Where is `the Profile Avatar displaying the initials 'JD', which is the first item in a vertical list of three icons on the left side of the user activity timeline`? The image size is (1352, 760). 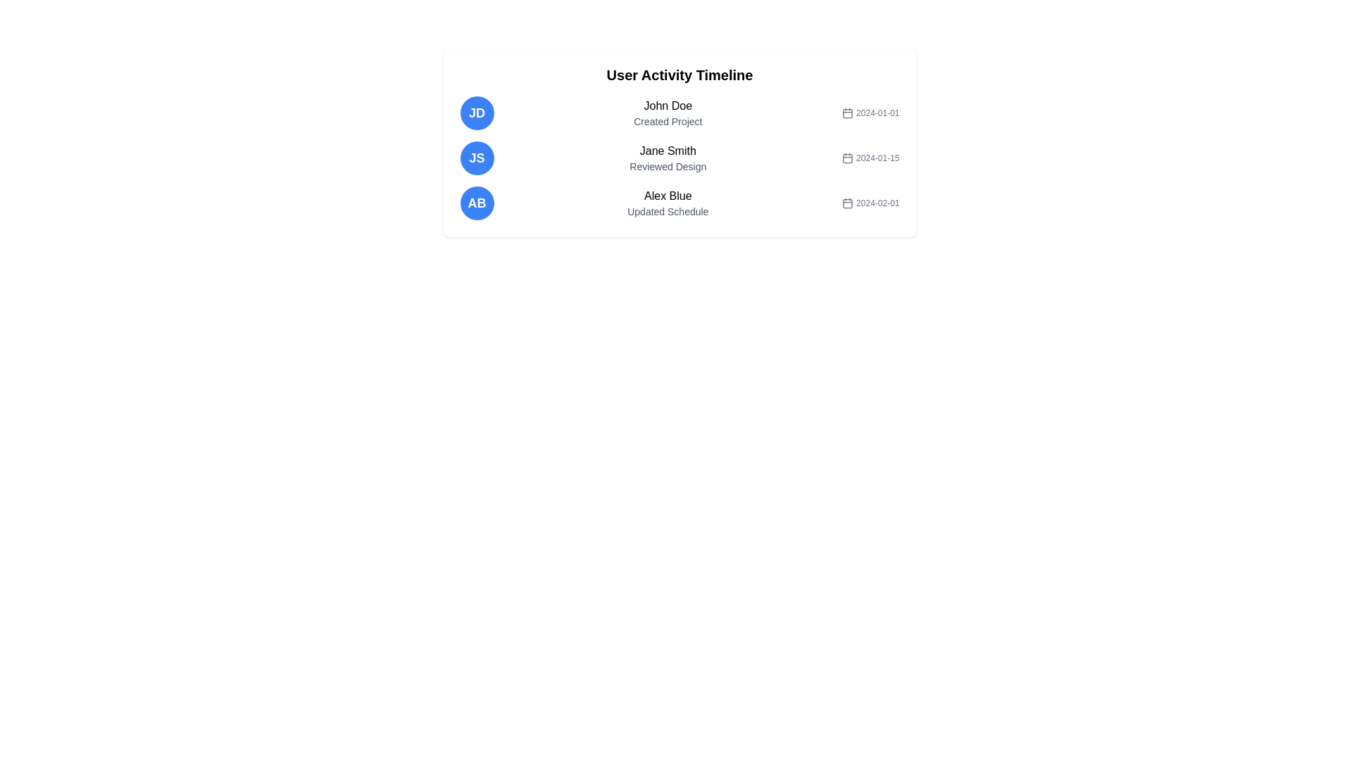 the Profile Avatar displaying the initials 'JD', which is the first item in a vertical list of three icons on the left side of the user activity timeline is located at coordinates (477, 113).